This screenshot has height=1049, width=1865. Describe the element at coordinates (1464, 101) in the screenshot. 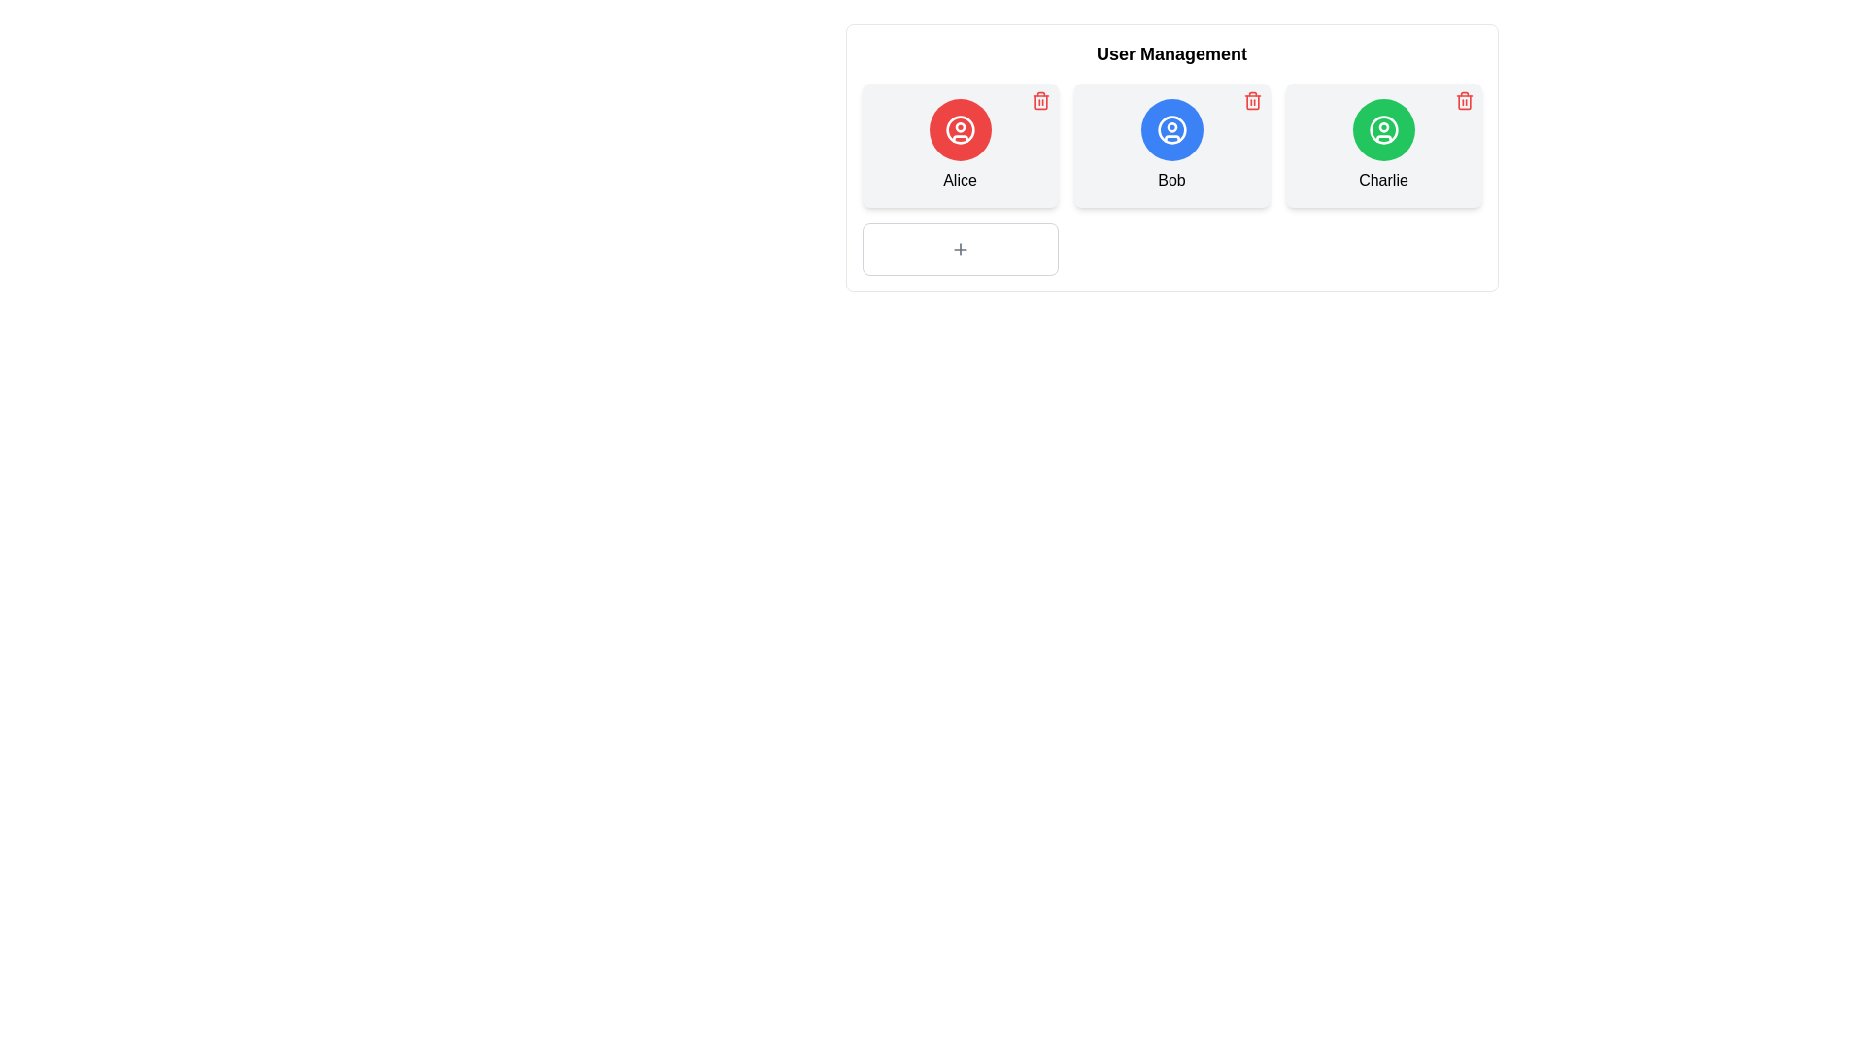

I see `the small red trashcan icon button located in the top-right corner of Charlie's information card, above and to the right of the user's avatar` at that location.